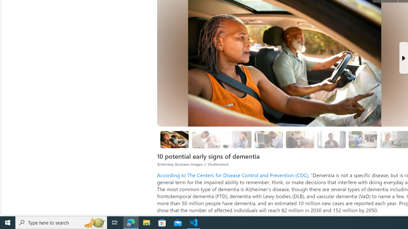 Image resolution: width=408 pixels, height=229 pixels. Describe the element at coordinates (237, 139) in the screenshot. I see `'Challenges in planning or solving problems'` at that location.